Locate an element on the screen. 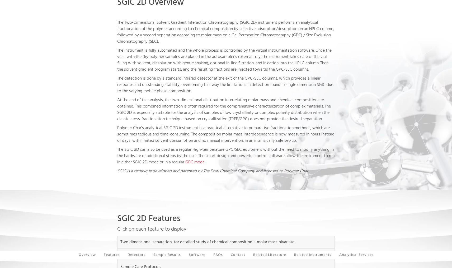 The height and width of the screenshot is (268, 452). 'Click on each feature to display' is located at coordinates (152, 229).